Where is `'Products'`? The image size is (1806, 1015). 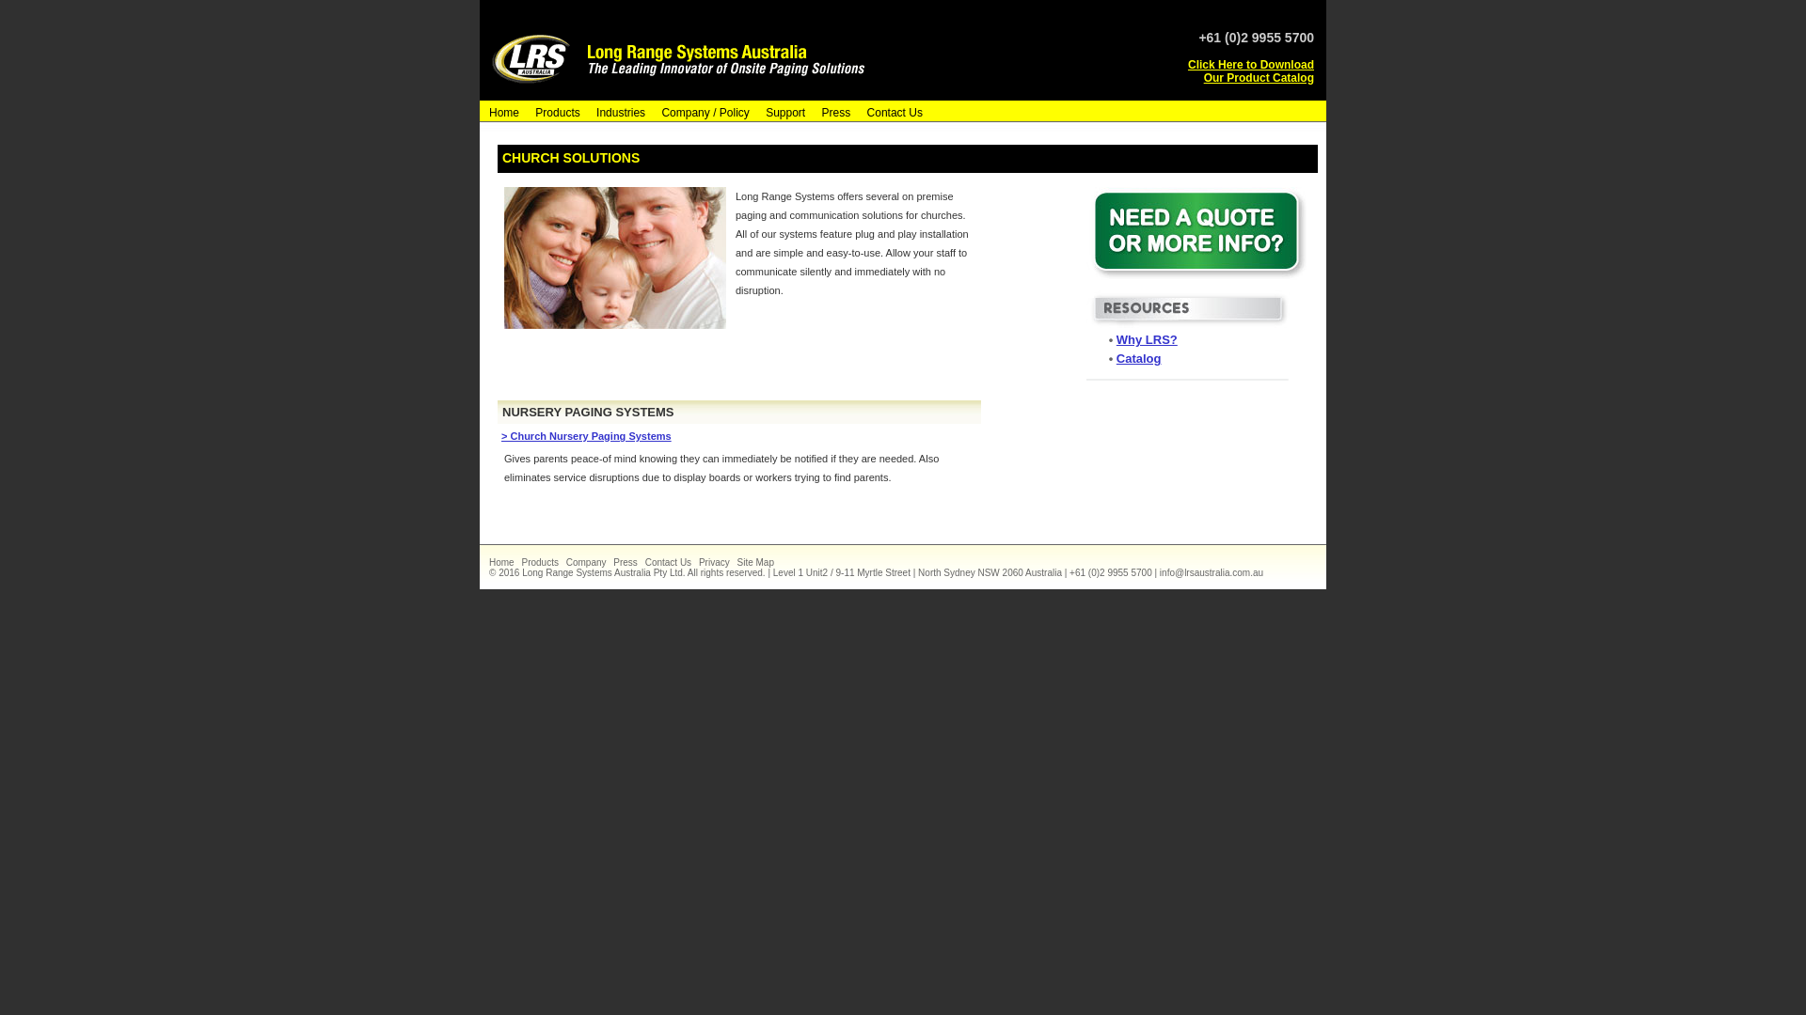 'Products' is located at coordinates (553, 112).